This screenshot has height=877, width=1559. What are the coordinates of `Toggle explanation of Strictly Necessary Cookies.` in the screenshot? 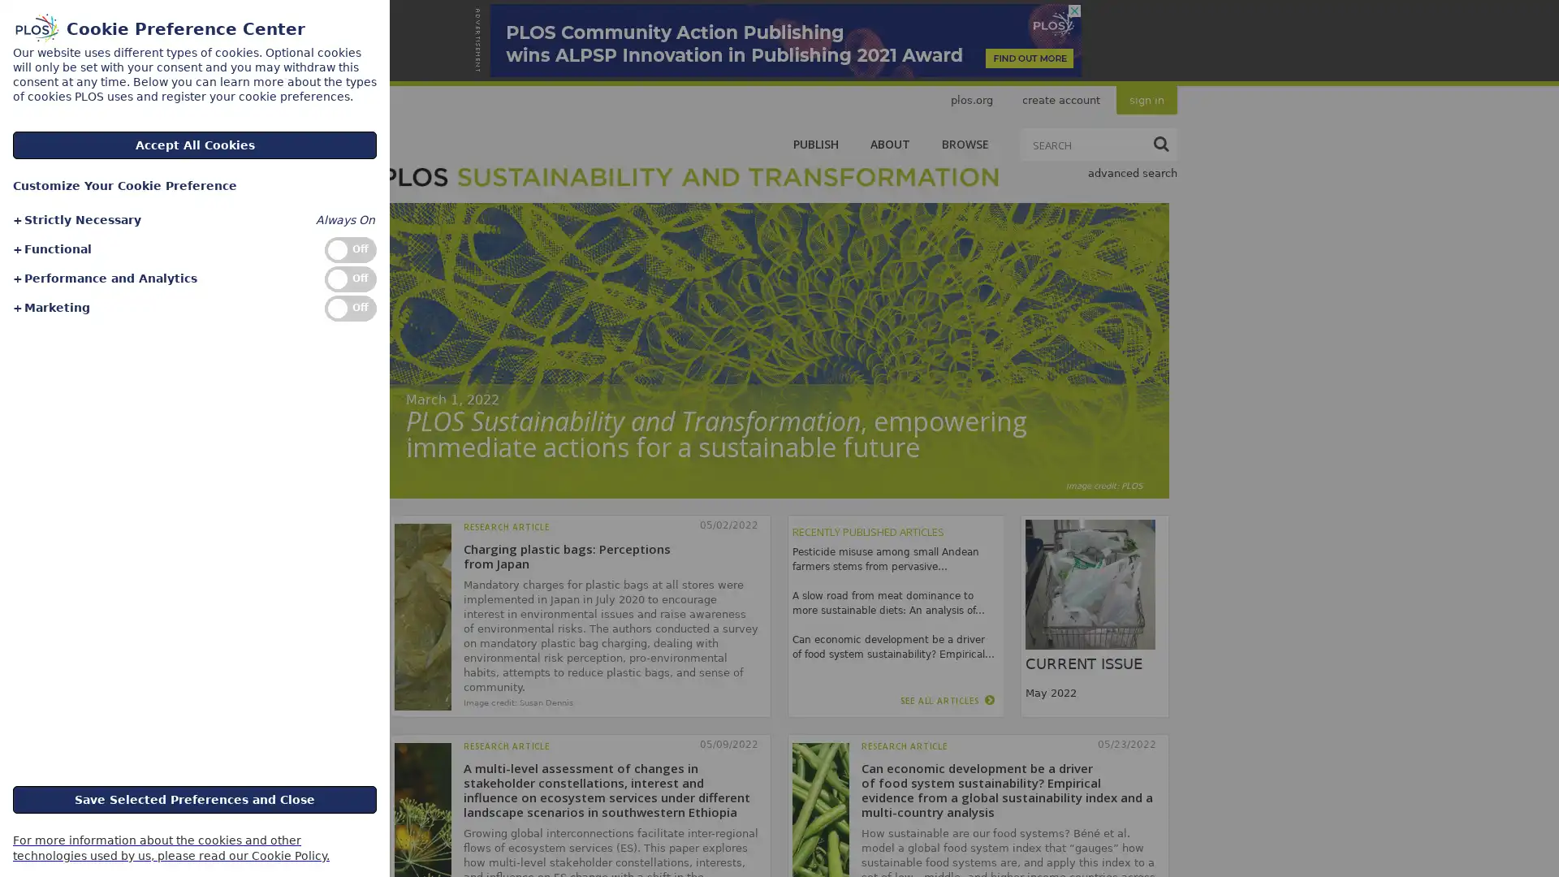 It's located at (76, 220).